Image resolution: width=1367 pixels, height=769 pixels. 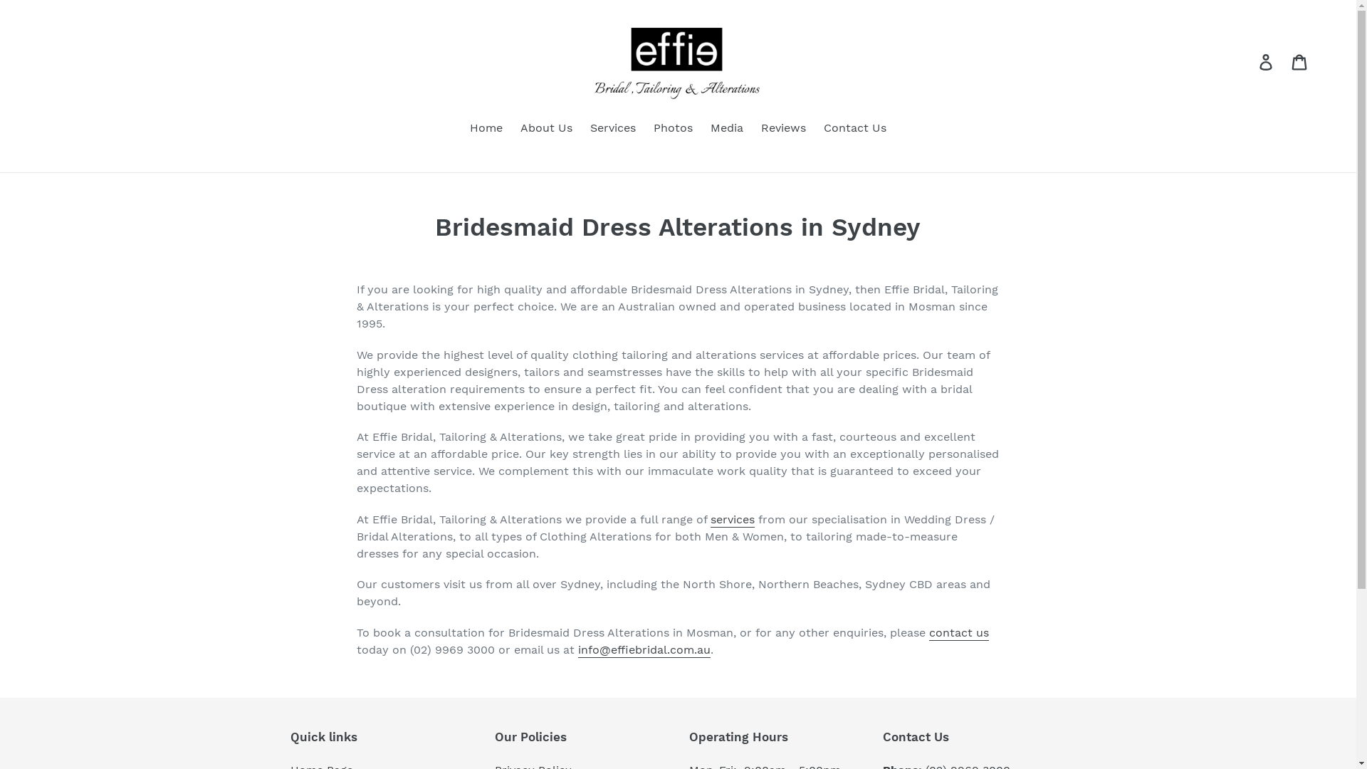 I want to click on 'Home', so click(x=486, y=129).